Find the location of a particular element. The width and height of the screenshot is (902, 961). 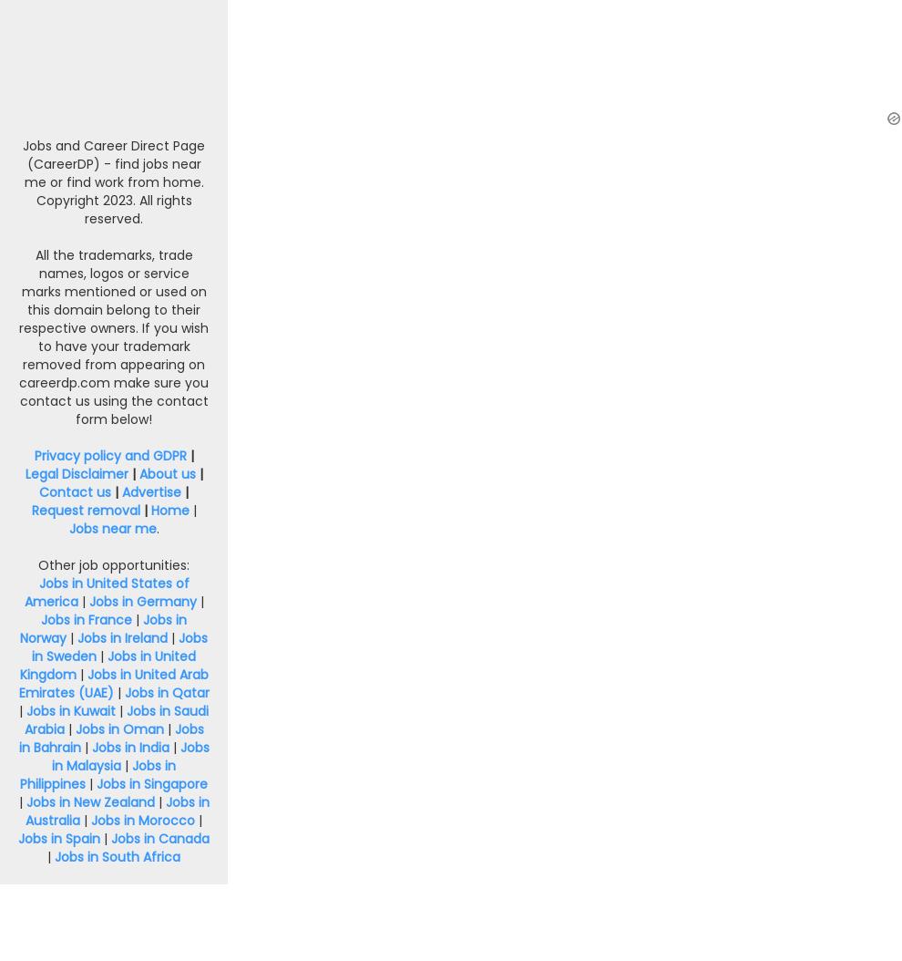

'Jobs in Malaysia' is located at coordinates (52, 754).